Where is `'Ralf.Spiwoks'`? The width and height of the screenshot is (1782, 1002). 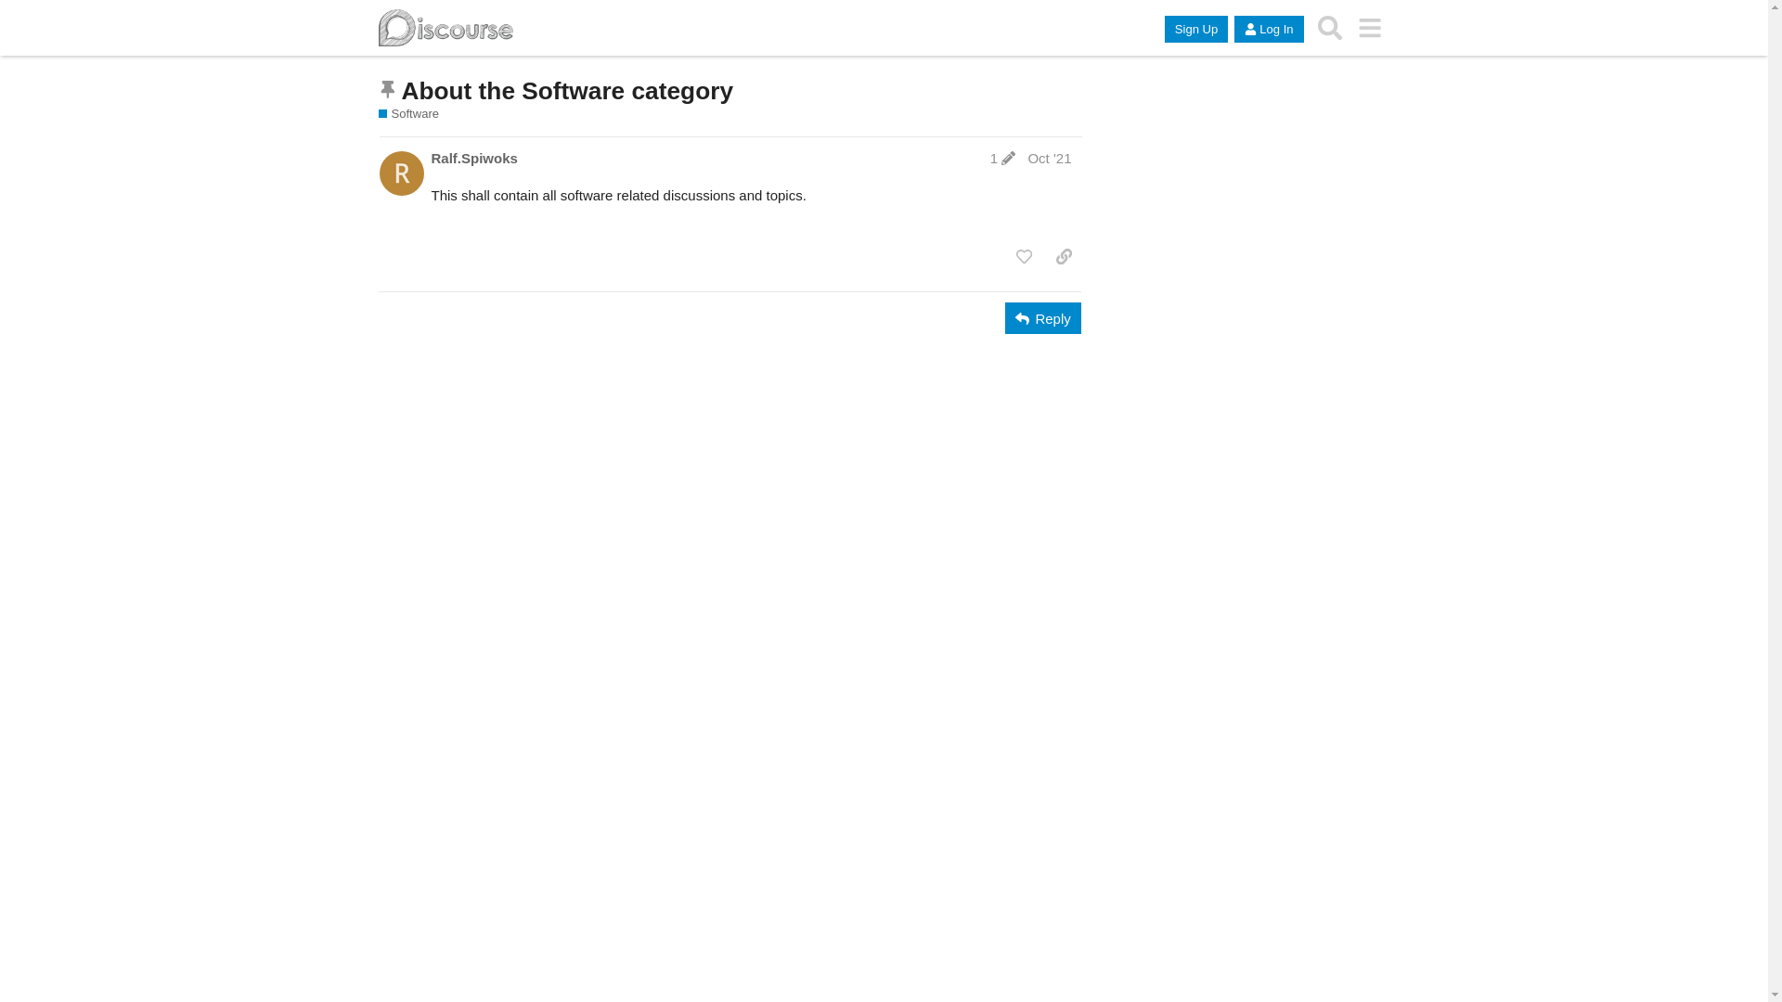 'Ralf.Spiwoks' is located at coordinates (430, 157).